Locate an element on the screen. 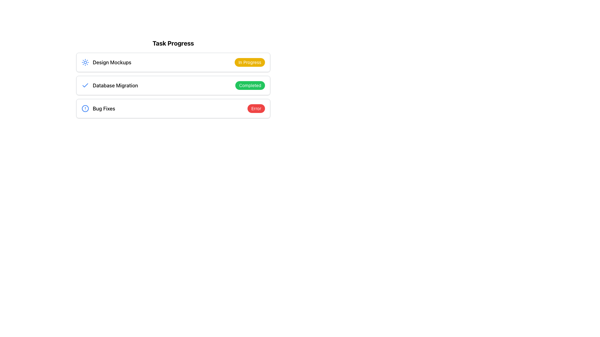 The width and height of the screenshot is (600, 337). the visual indicator icon that represents a completed status or verified task, located to the left of the 'Database Migration' text label is located at coordinates (85, 85).